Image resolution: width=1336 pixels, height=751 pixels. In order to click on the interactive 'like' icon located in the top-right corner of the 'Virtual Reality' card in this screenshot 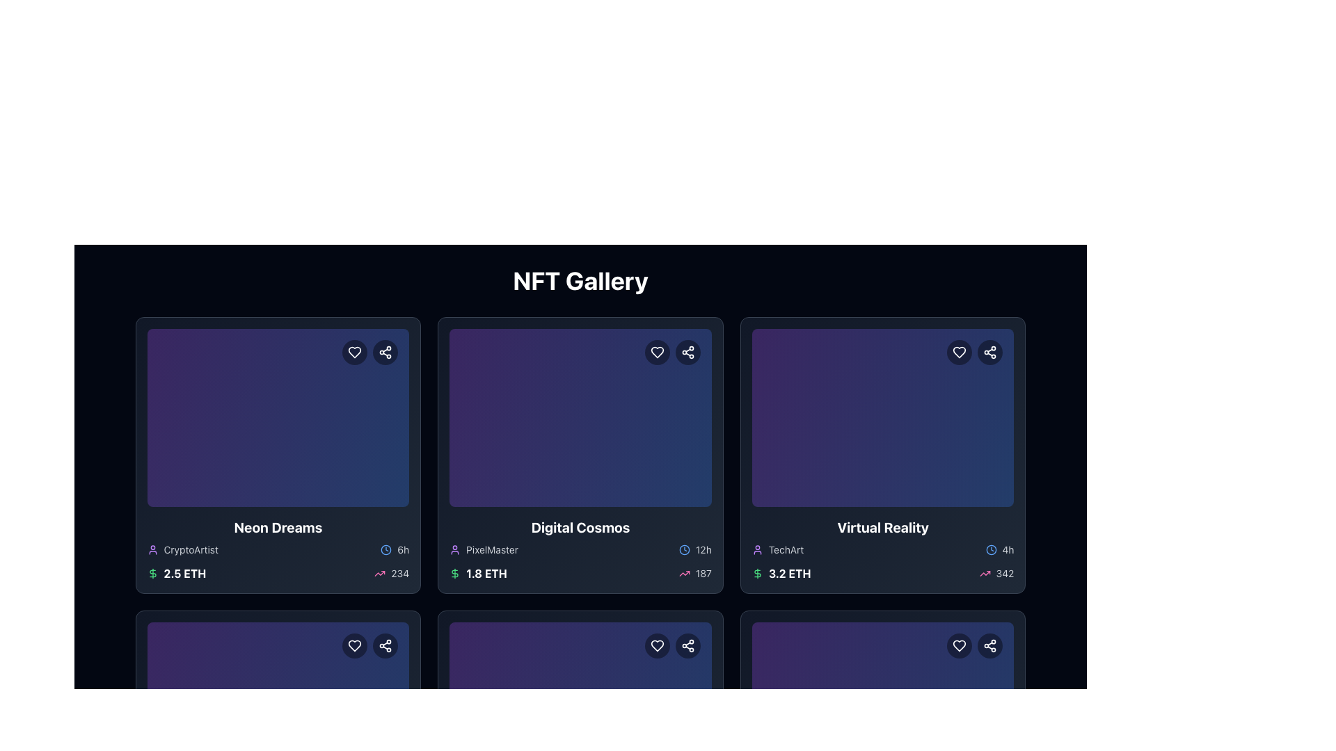, I will do `click(959, 351)`.